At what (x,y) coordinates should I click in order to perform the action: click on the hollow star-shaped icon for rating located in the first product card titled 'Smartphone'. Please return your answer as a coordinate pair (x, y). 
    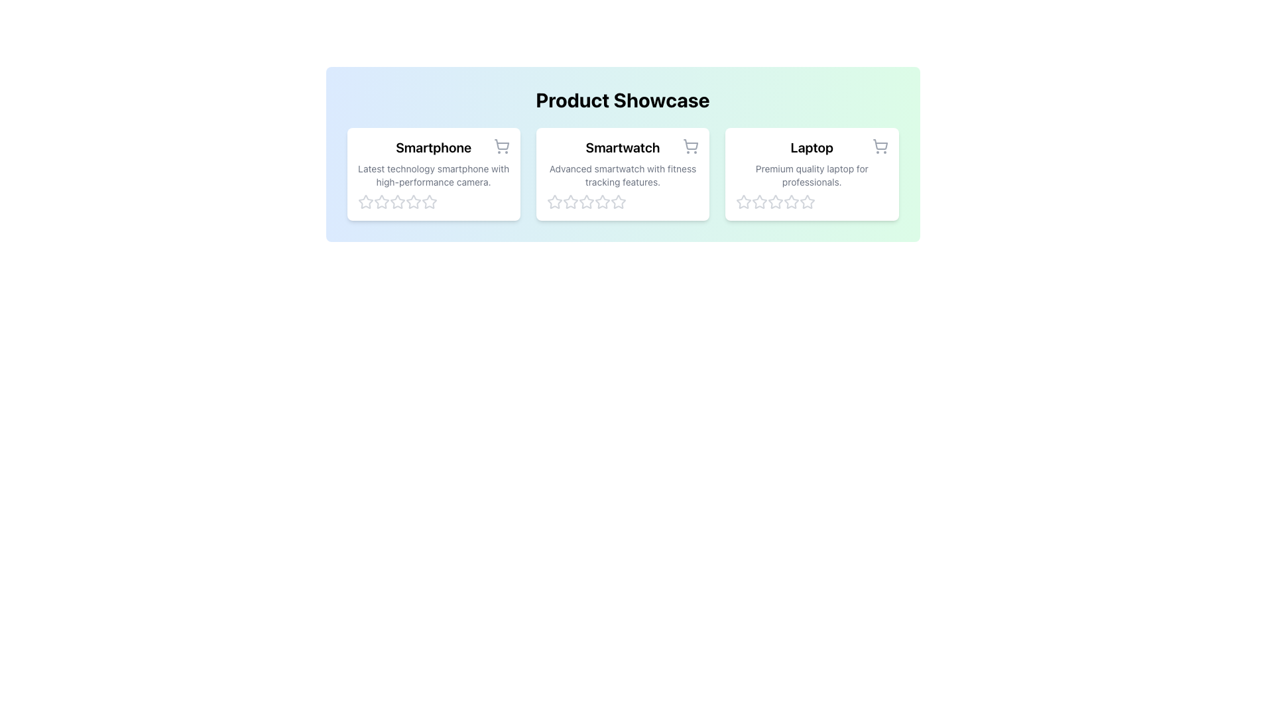
    Looking at the image, I should click on (381, 202).